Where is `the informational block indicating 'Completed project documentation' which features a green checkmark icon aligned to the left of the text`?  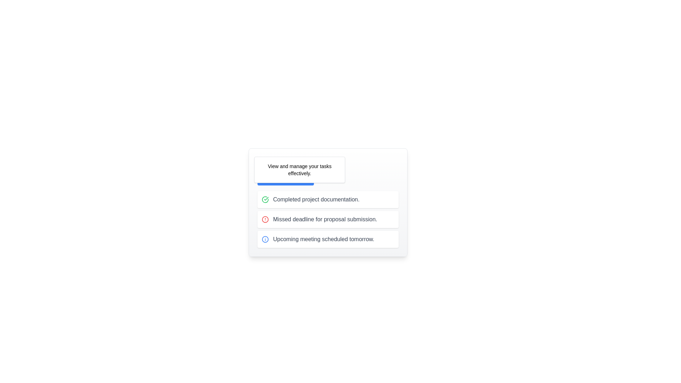
the informational block indicating 'Completed project documentation' which features a green checkmark icon aligned to the left of the text is located at coordinates (328, 200).